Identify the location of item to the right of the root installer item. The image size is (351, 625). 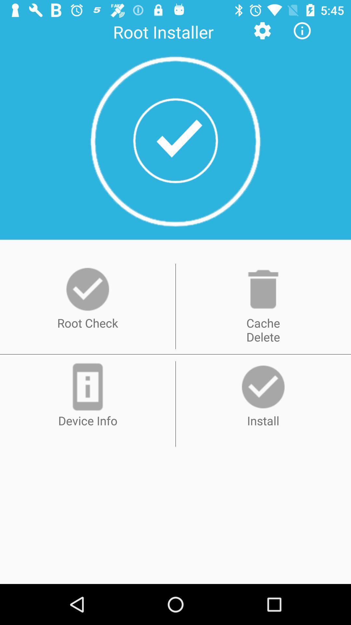
(262, 30).